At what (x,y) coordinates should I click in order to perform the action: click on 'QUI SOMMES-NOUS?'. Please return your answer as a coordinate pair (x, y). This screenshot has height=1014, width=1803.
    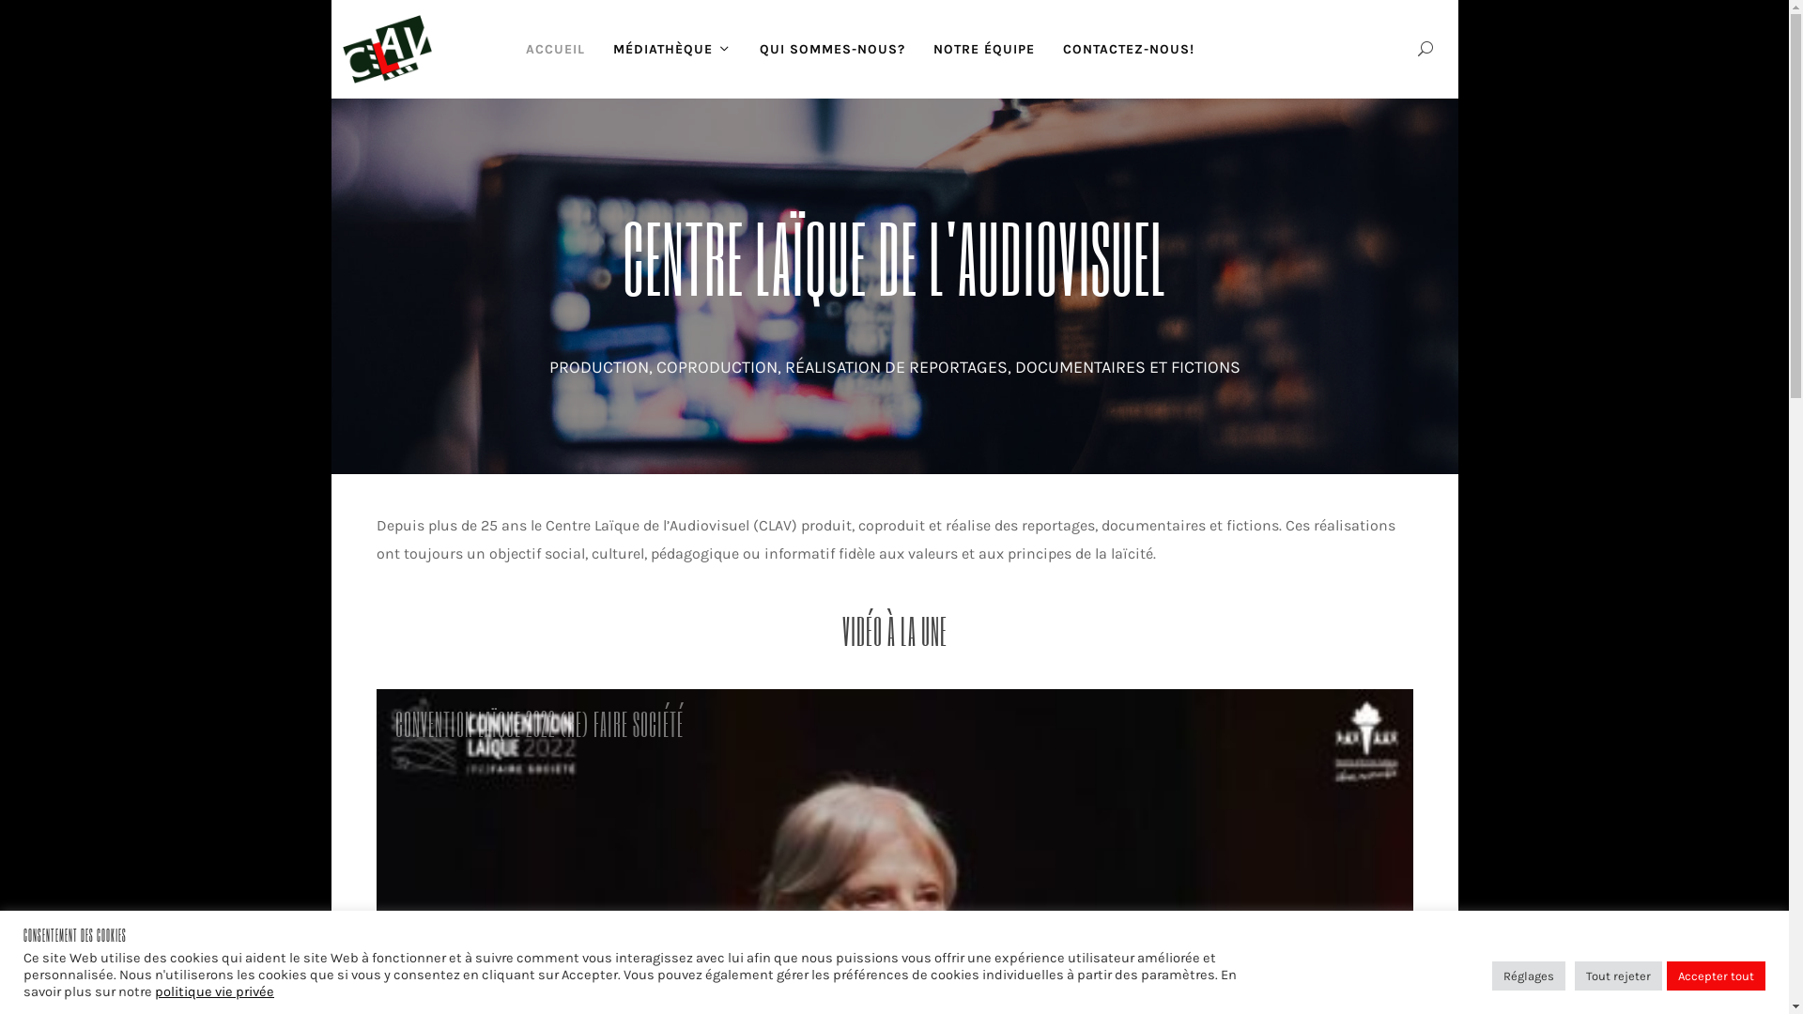
    Looking at the image, I should click on (831, 48).